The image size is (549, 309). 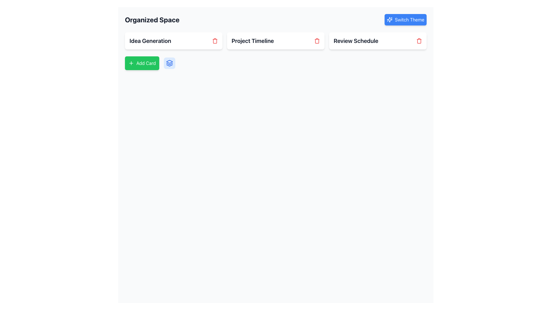 What do you see at coordinates (169, 63) in the screenshot?
I see `the square-shaped icon with a light blue background and a stack of blue layers in the center, located to the right of the green 'Add Card' button` at bounding box center [169, 63].